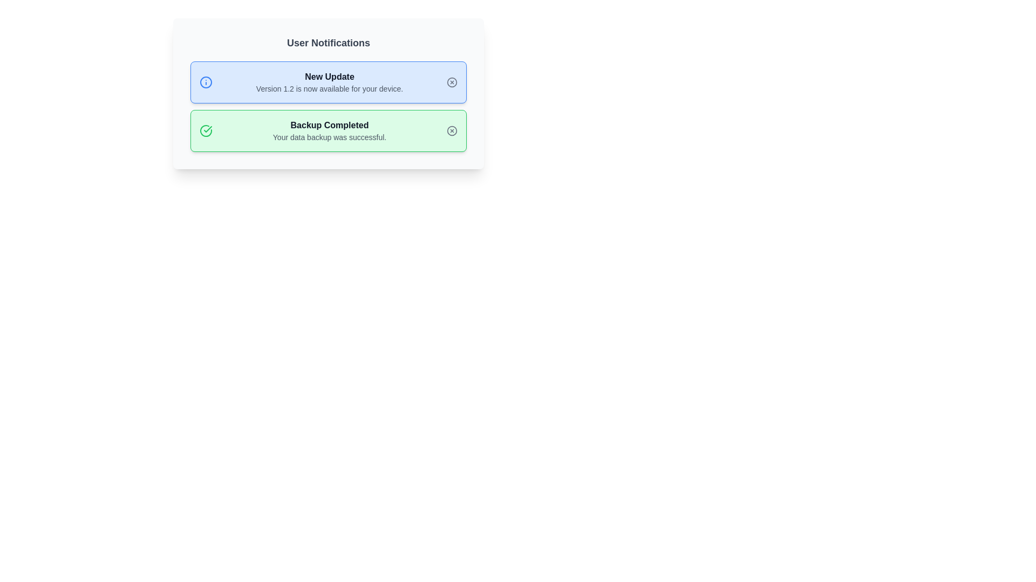 This screenshot has height=582, width=1036. What do you see at coordinates (208, 128) in the screenshot?
I see `green checkmark icon indicating a successful backup, located in the notification section labeled 'Backup Completed.'` at bounding box center [208, 128].